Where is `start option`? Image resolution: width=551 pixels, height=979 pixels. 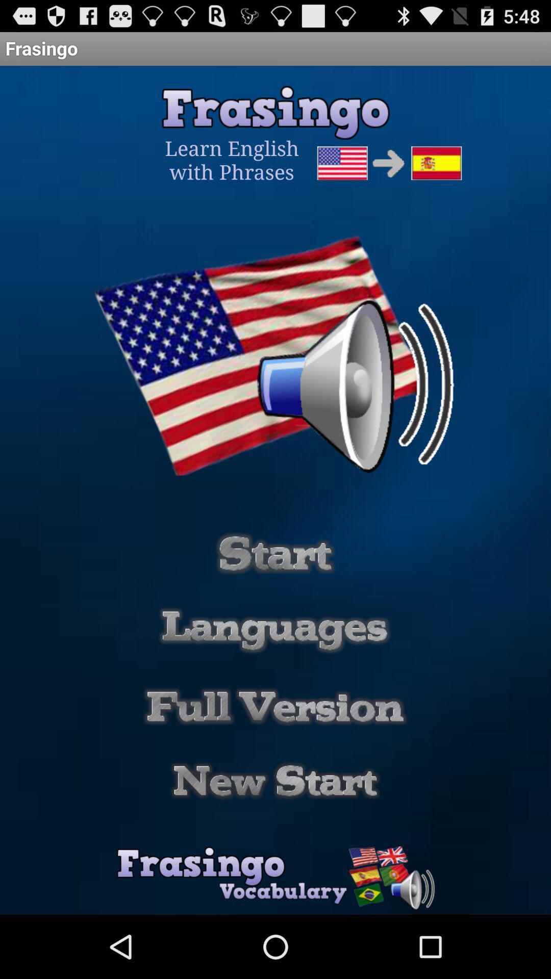 start option is located at coordinates (275, 553).